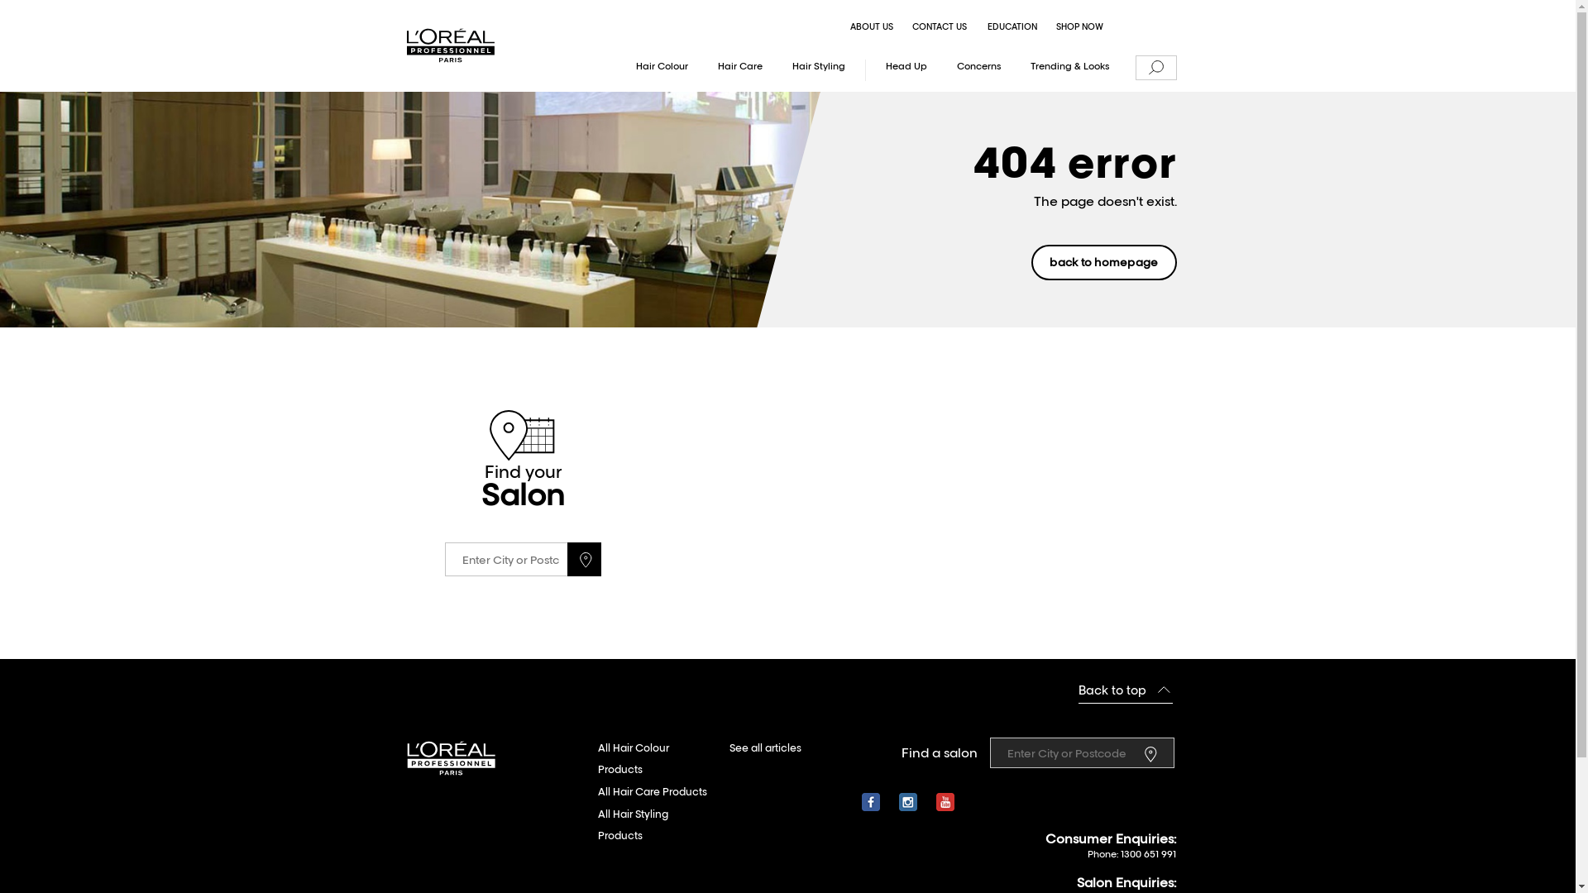 This screenshot has height=893, width=1588. What do you see at coordinates (654, 759) in the screenshot?
I see `'All Hair Colour Products'` at bounding box center [654, 759].